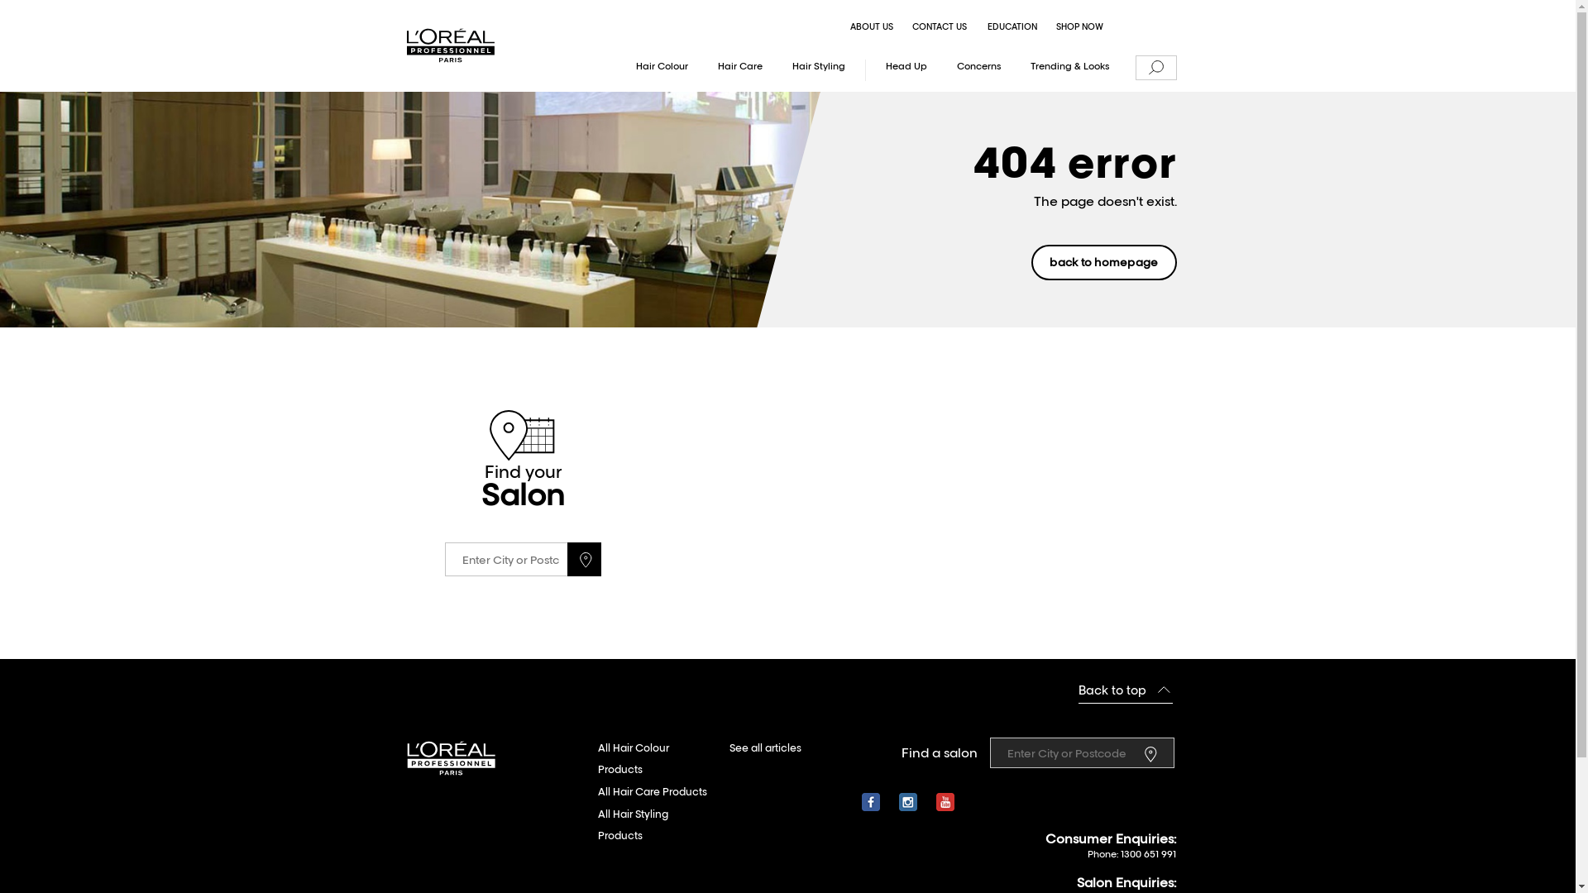 This screenshot has height=893, width=1588. What do you see at coordinates (654, 759) in the screenshot?
I see `'All Hair Colour Products'` at bounding box center [654, 759].